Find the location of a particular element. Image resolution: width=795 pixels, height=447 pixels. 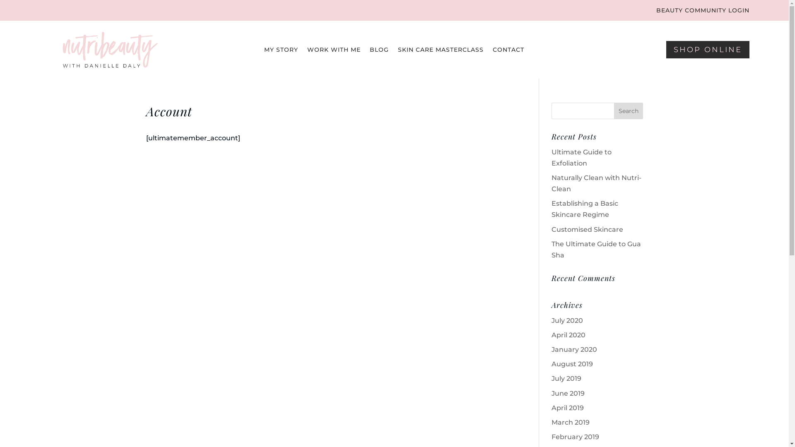

'Naturally Clean with Nutri-Clean' is located at coordinates (596, 183).